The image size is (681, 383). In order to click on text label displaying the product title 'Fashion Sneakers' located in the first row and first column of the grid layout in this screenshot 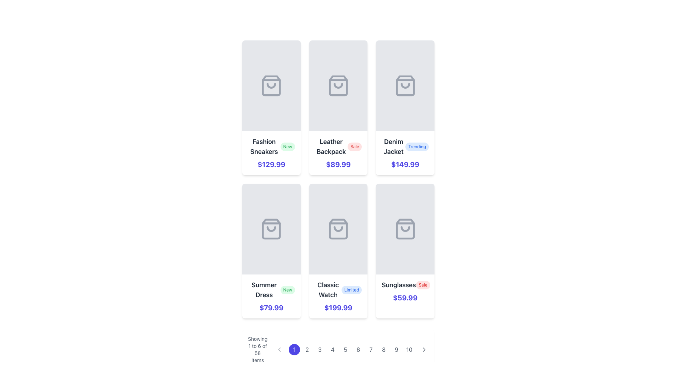, I will do `click(264, 146)`.